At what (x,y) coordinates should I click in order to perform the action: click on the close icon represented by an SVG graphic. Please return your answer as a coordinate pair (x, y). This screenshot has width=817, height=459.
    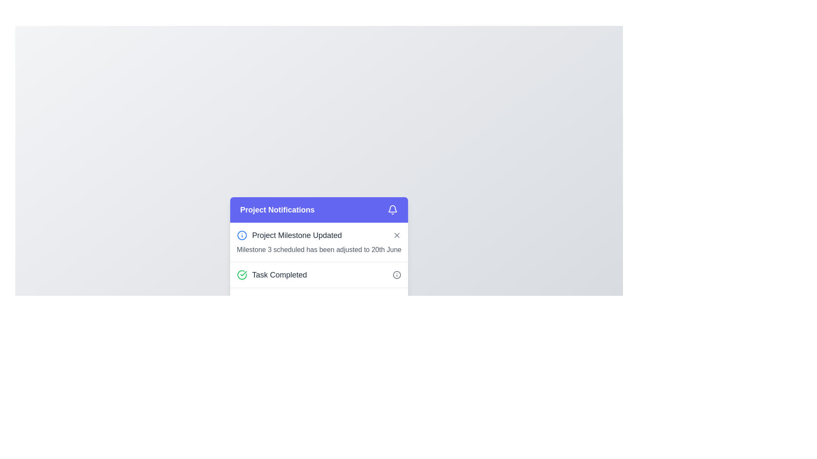
    Looking at the image, I should click on (397, 235).